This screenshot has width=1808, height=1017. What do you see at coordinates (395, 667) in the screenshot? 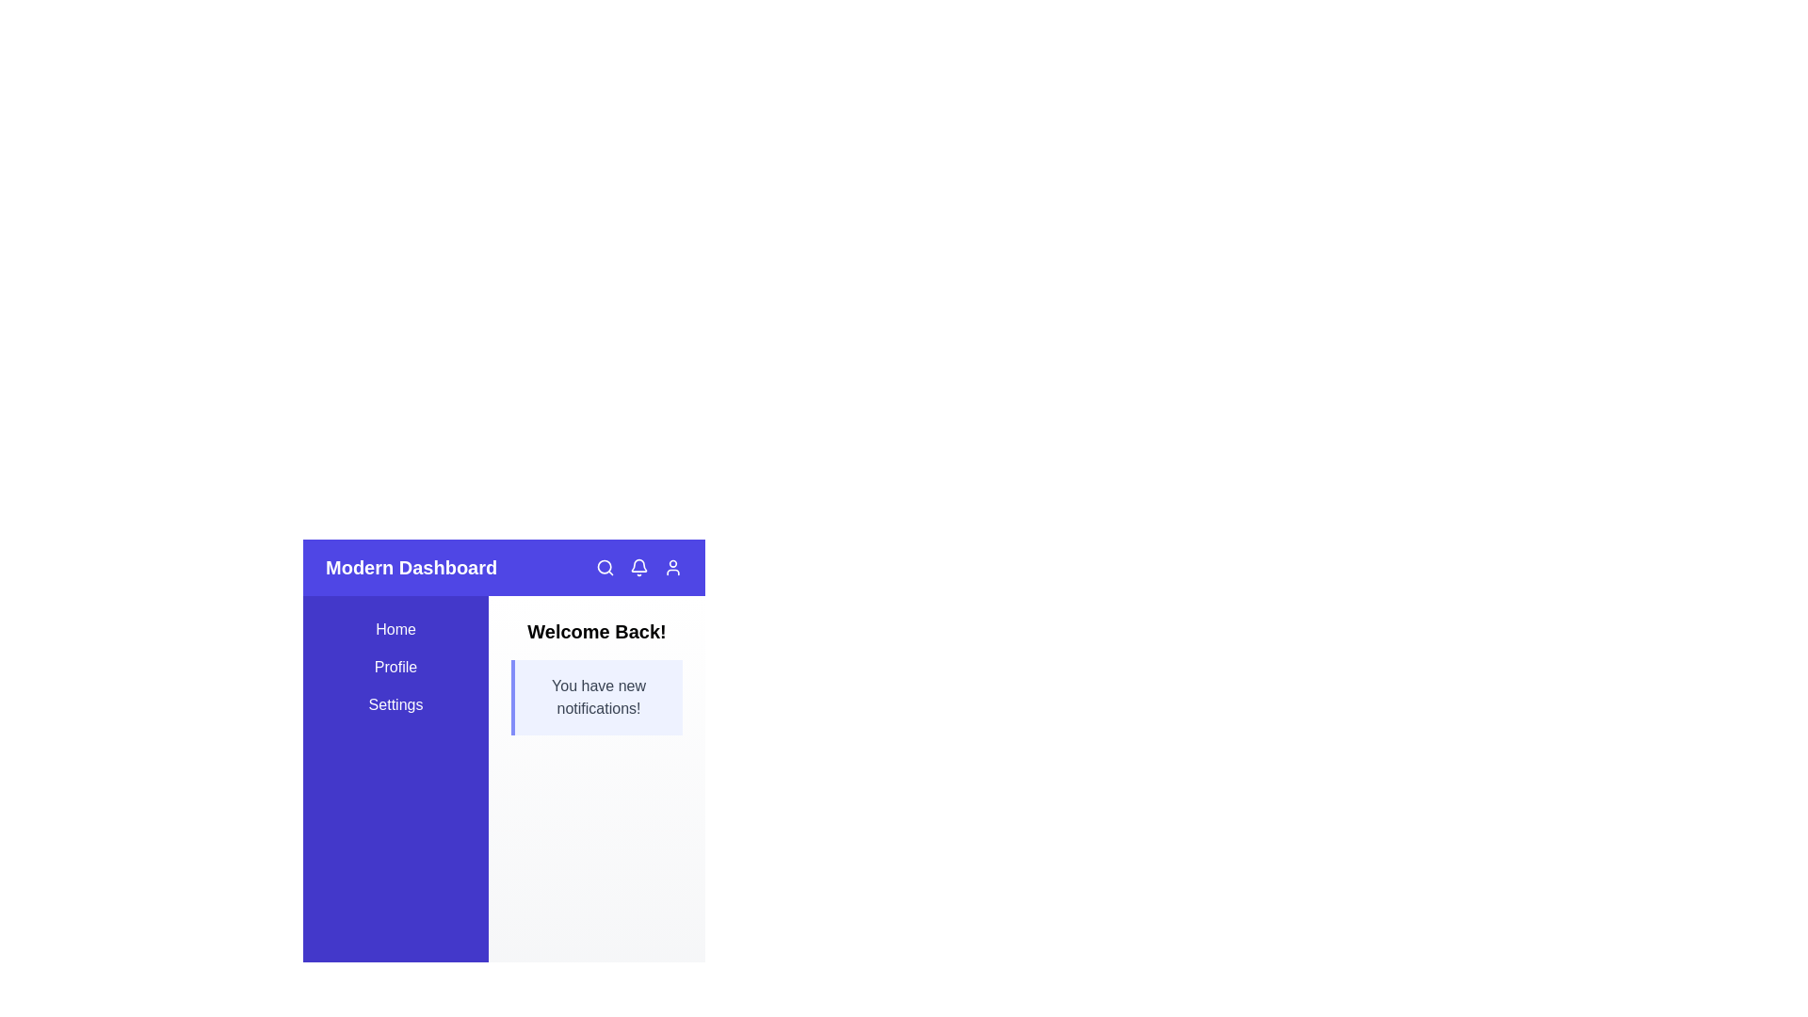
I see `the sidebar link Profile` at bounding box center [395, 667].